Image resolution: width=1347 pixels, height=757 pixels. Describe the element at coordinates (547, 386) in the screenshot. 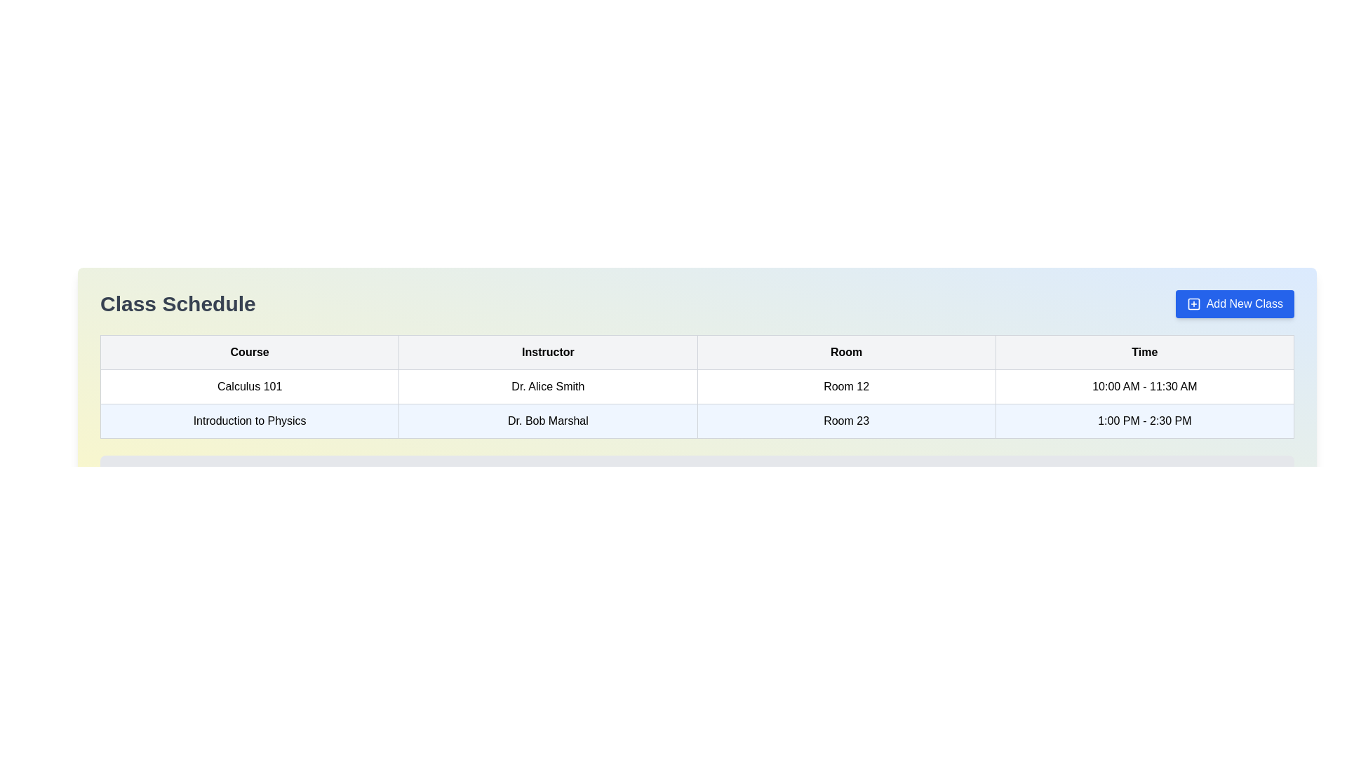

I see `the text label displaying 'Dr. Alice Smith' in the second column of the first row of the table under the 'Instructor' header` at that location.